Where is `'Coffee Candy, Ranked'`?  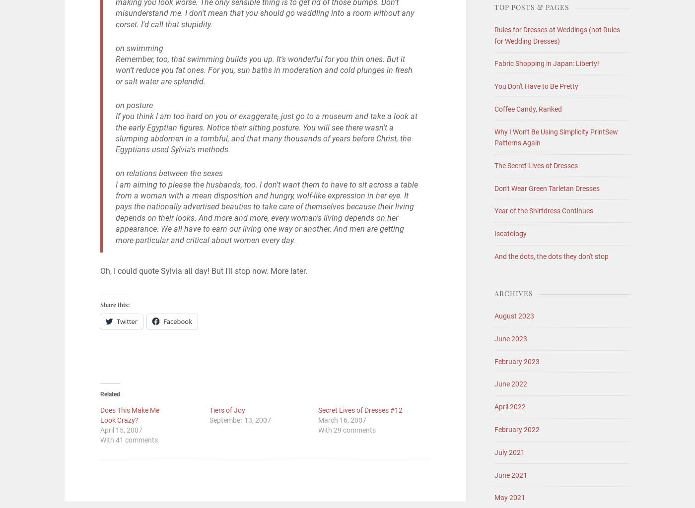
'Coffee Candy, Ranked' is located at coordinates (494, 108).